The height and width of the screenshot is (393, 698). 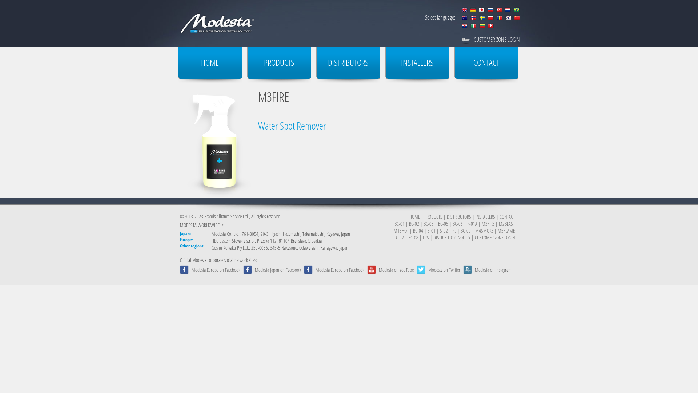 I want to click on 'Modesta Europe on Facebook', so click(x=216, y=270).